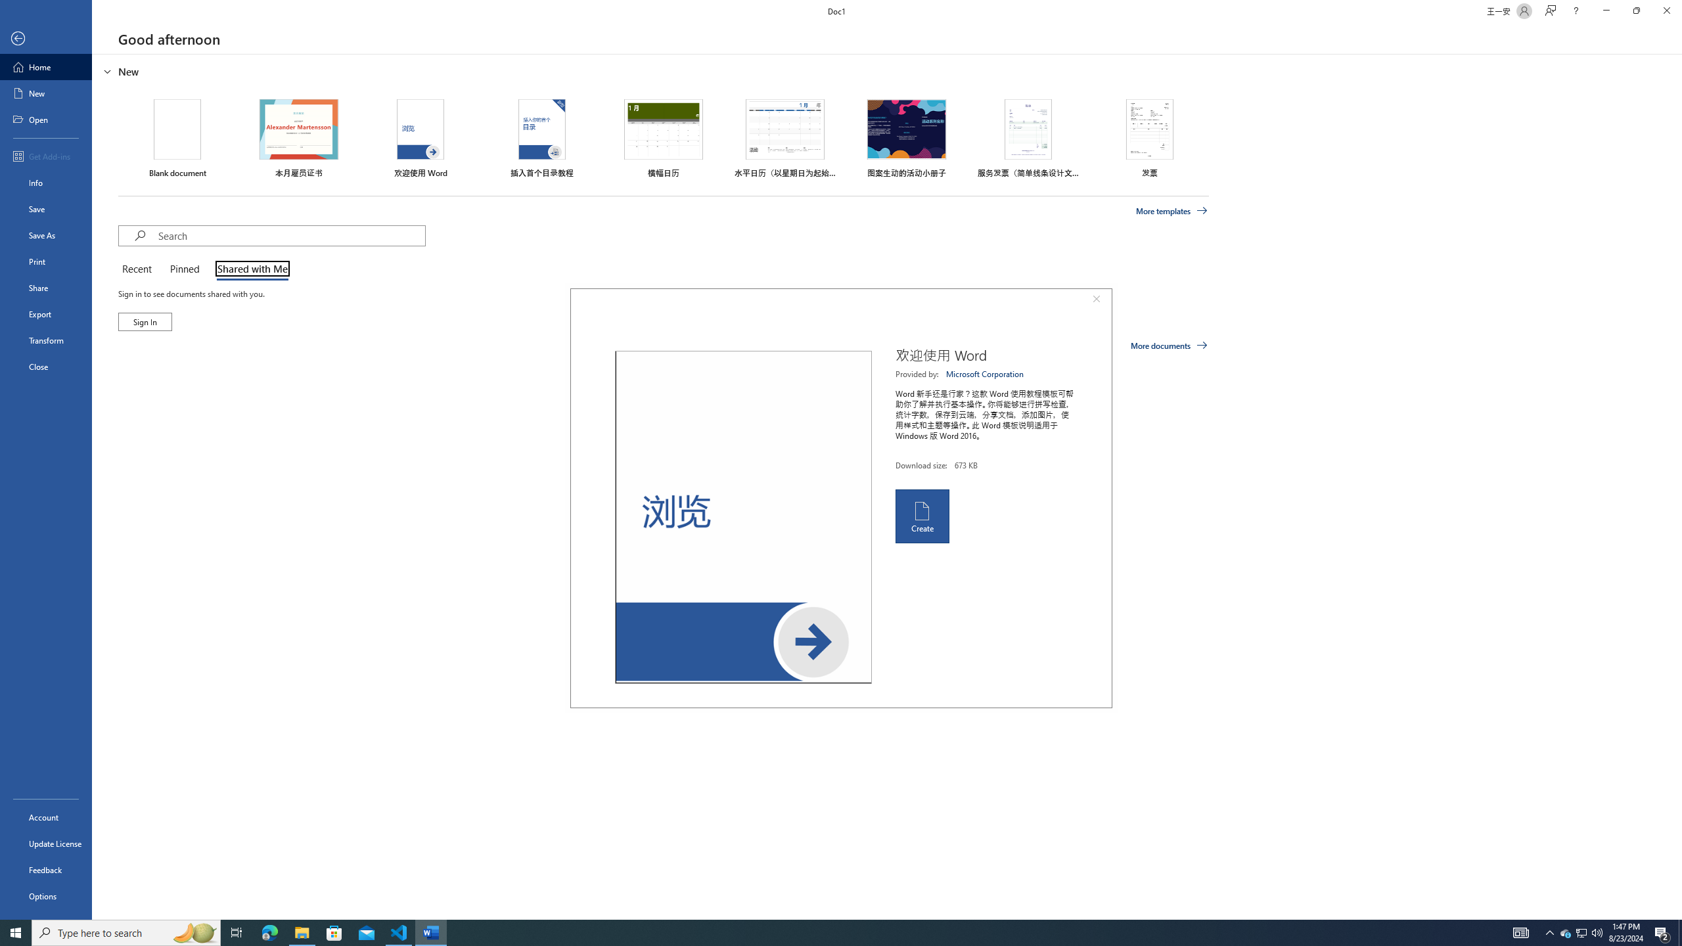 The image size is (1682, 946). I want to click on 'Options', so click(45, 895).